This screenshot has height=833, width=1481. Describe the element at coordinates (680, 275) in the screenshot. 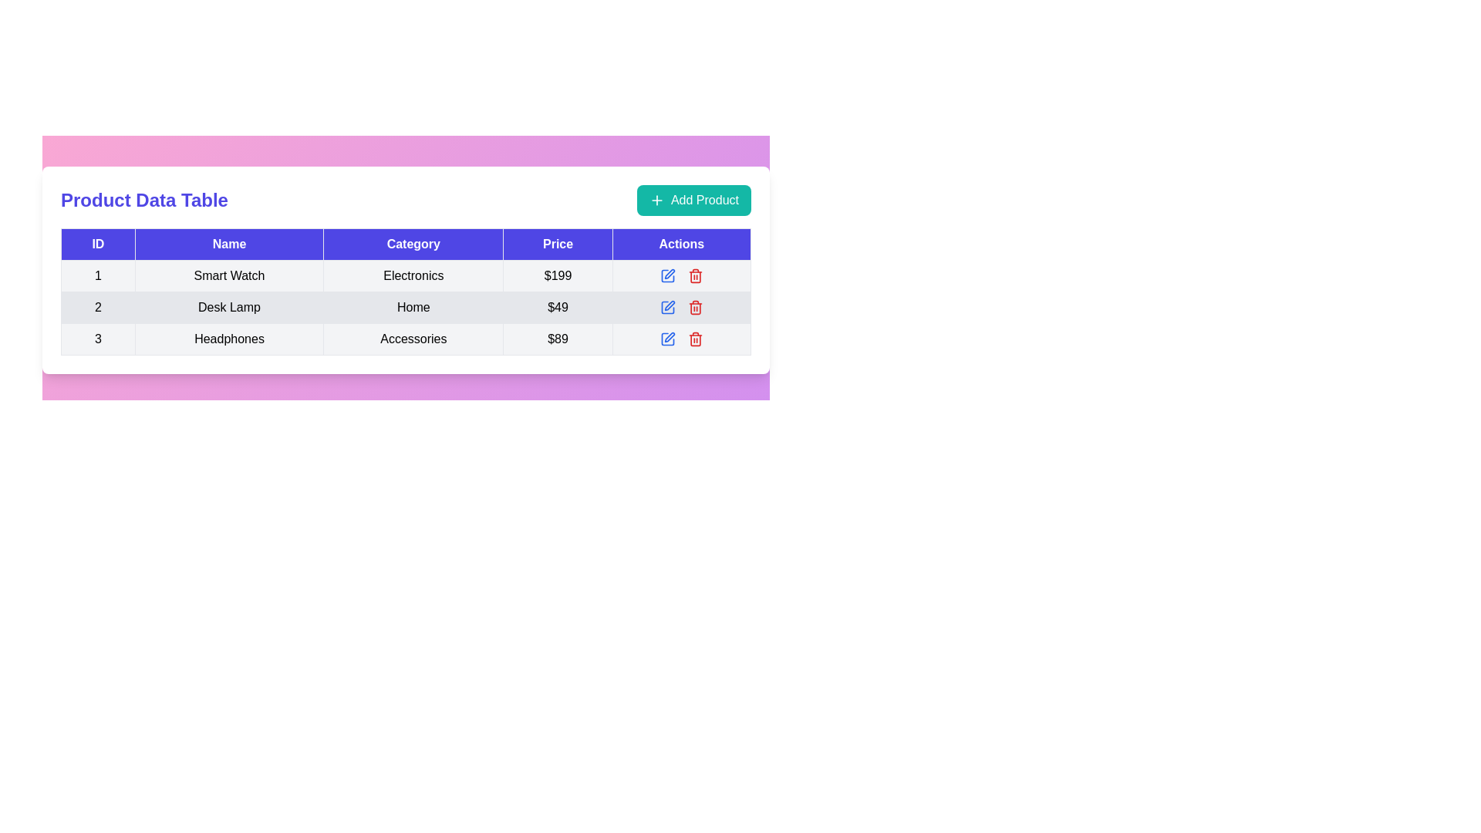

I see `the edit action icon button located in the 'Actions' column of the first row of the table corresponding to the product 'Smart Watch'` at that location.